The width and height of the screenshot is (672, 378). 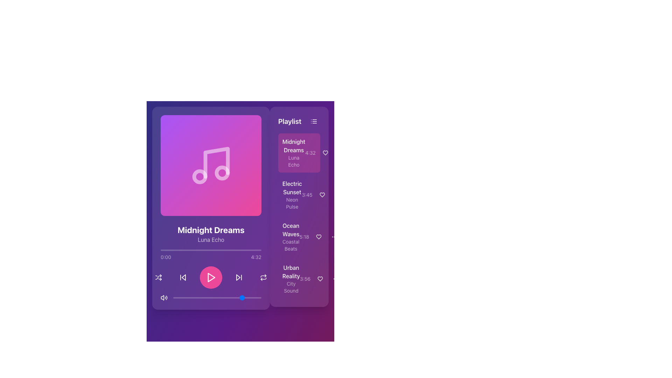 What do you see at coordinates (299, 121) in the screenshot?
I see `the 'Playlist' text and icon group, which displays the text 'Playlist' in bold font with a three-line menu icon next to it, located in the top section of the sidebar` at bounding box center [299, 121].